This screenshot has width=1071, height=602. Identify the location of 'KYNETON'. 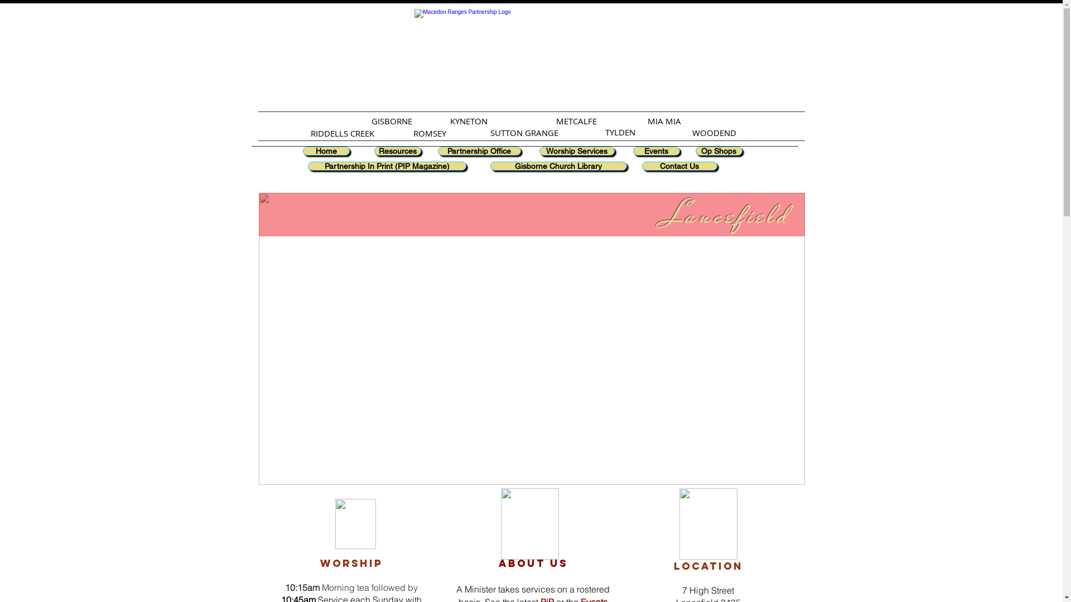
(450, 120).